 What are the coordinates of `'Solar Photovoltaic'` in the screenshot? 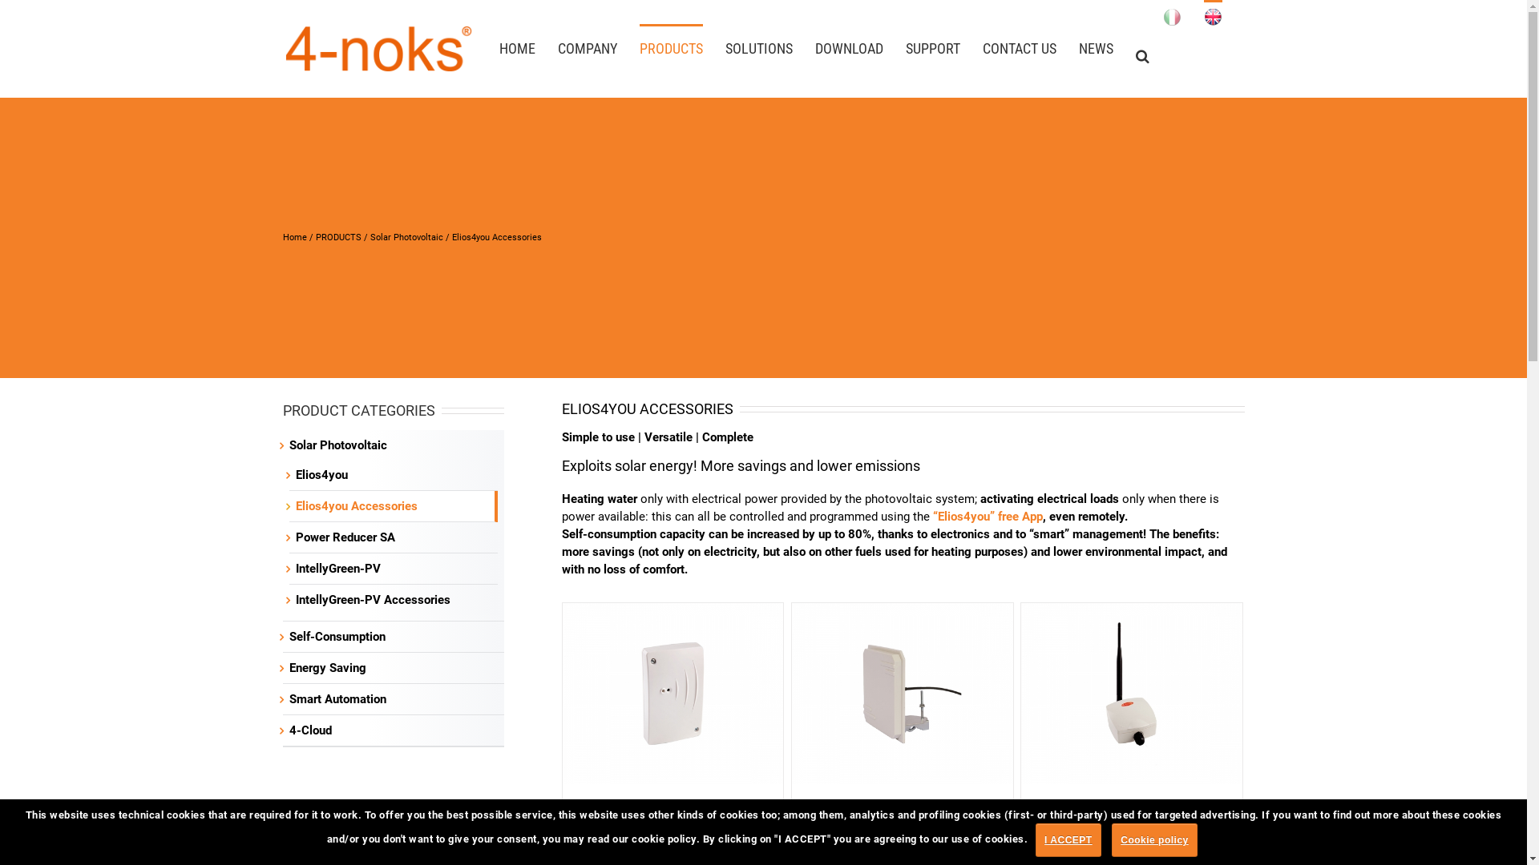 It's located at (369, 237).